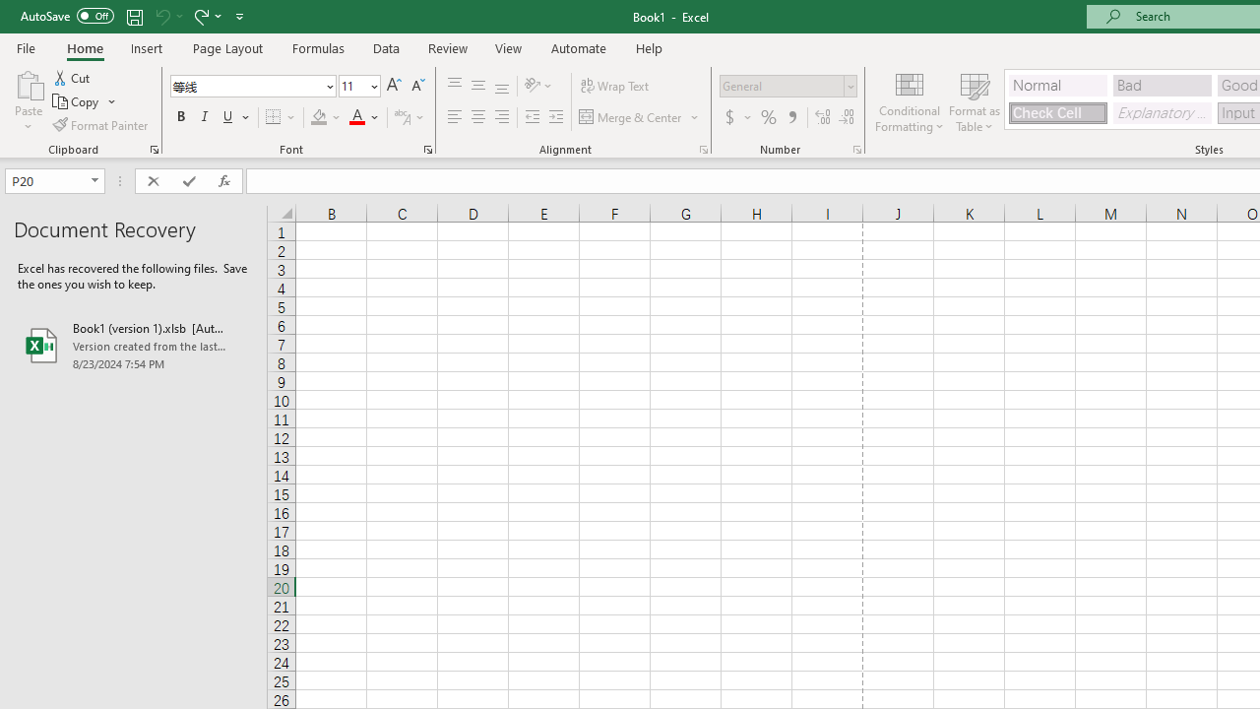 The image size is (1260, 709). I want to click on 'Font Color RGB(255, 0, 0)', so click(356, 117).